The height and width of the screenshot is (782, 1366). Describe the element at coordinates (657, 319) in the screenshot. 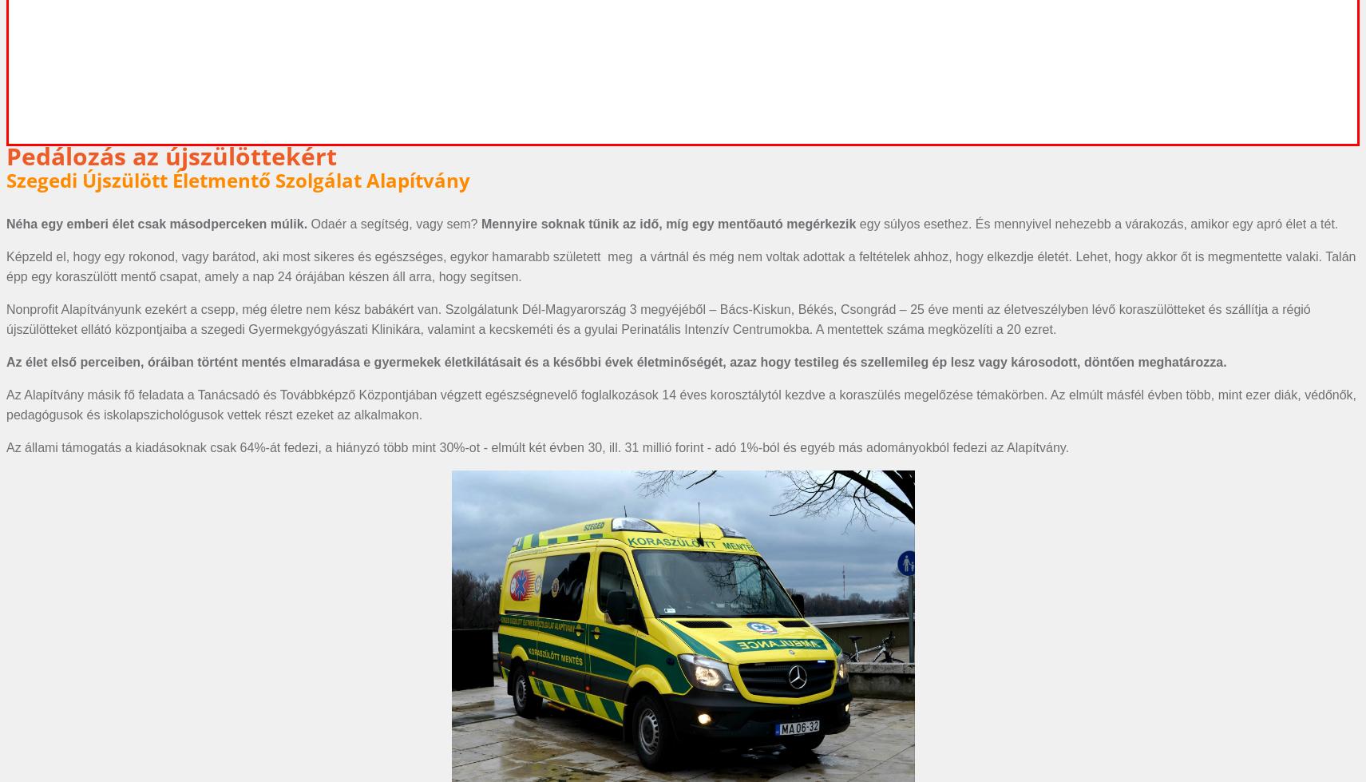

I see `'Nonprofit Alapítványunk ezekért a csepp, még életre nem kész babákért van. Szolgálatunk Dél-Magyarország 3 megyéjéből – Bács-Kiskun, Békés, Csongrád – 25 éve menti az életveszélyben lévő koraszülötteket és szállítja a régió újszülötteket ellátó központjaiba a szegedi Gyermekgyógyászati Klinikára, valamint a kecskeméti és a gyulai Perinatális Intenzív Centrumokba. A mentettek száma megközelíti a 20 ezret.'` at that location.